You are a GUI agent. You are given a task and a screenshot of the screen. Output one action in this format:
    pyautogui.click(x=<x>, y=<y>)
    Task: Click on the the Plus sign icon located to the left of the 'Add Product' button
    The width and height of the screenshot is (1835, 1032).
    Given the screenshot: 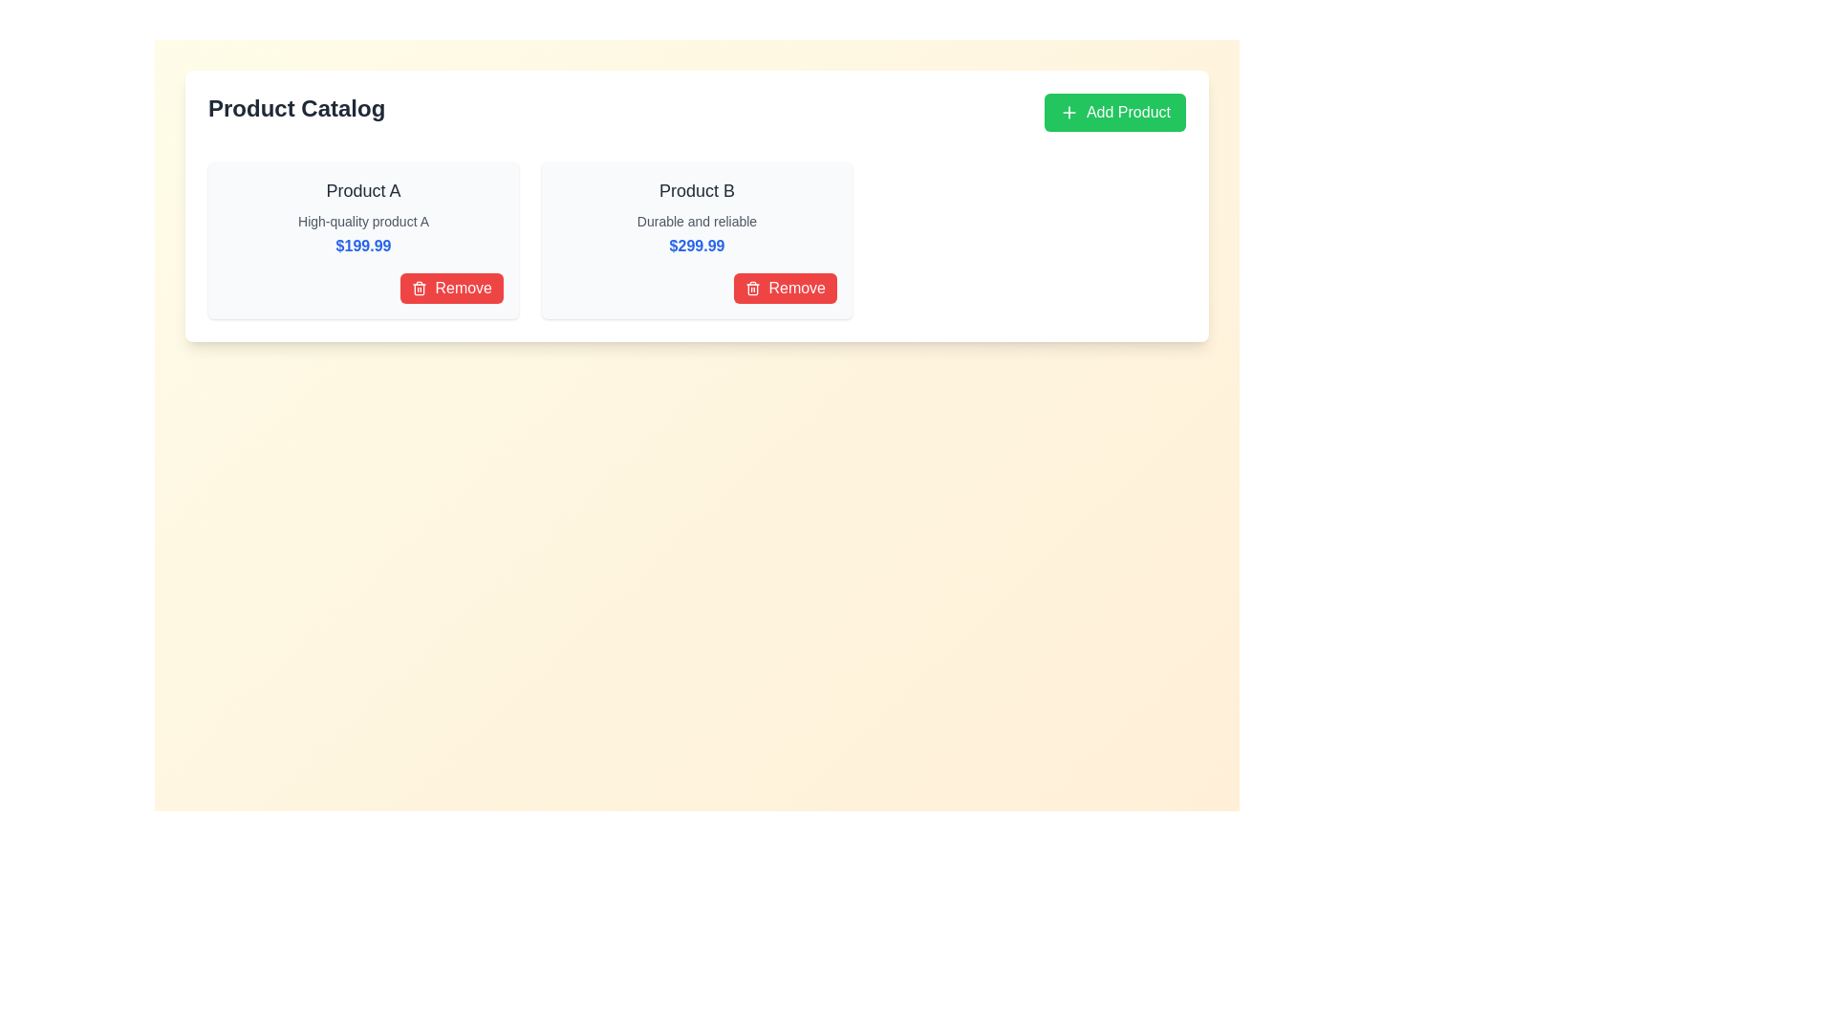 What is the action you would take?
    pyautogui.click(x=1068, y=113)
    